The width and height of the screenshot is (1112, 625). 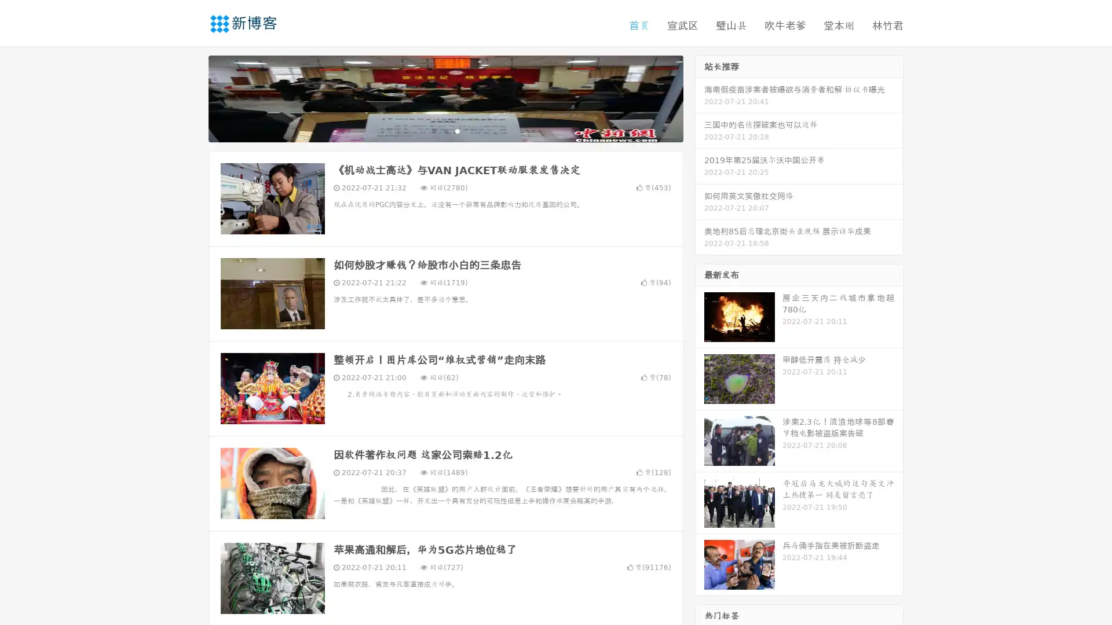 What do you see at coordinates (700, 97) in the screenshot?
I see `Next slide` at bounding box center [700, 97].